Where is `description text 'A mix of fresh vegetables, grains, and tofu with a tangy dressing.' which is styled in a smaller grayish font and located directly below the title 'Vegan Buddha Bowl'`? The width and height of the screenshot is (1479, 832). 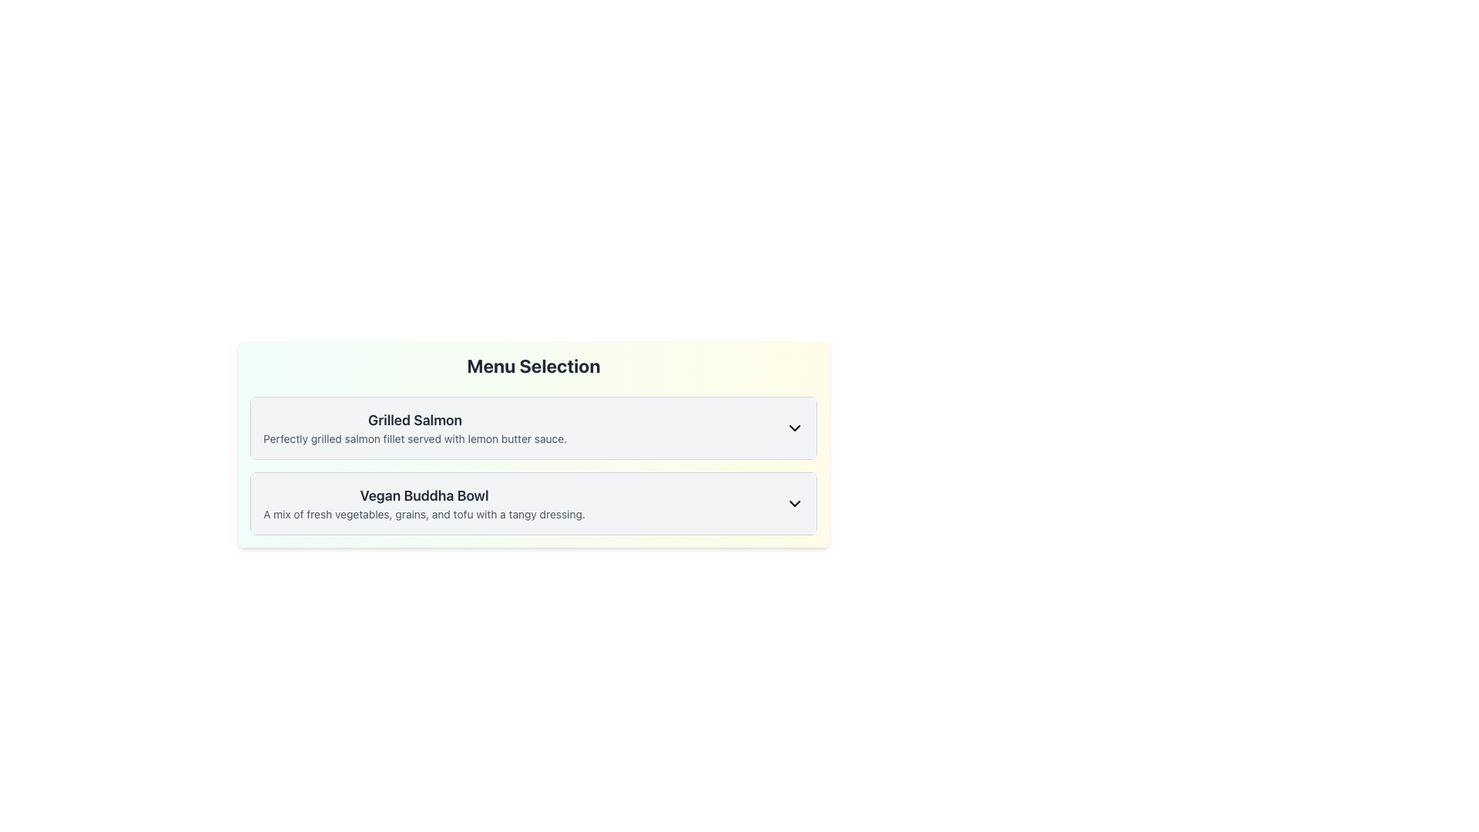
description text 'A mix of fresh vegetables, grains, and tofu with a tangy dressing.' which is styled in a smaller grayish font and located directly below the title 'Vegan Buddha Bowl' is located at coordinates (424, 514).